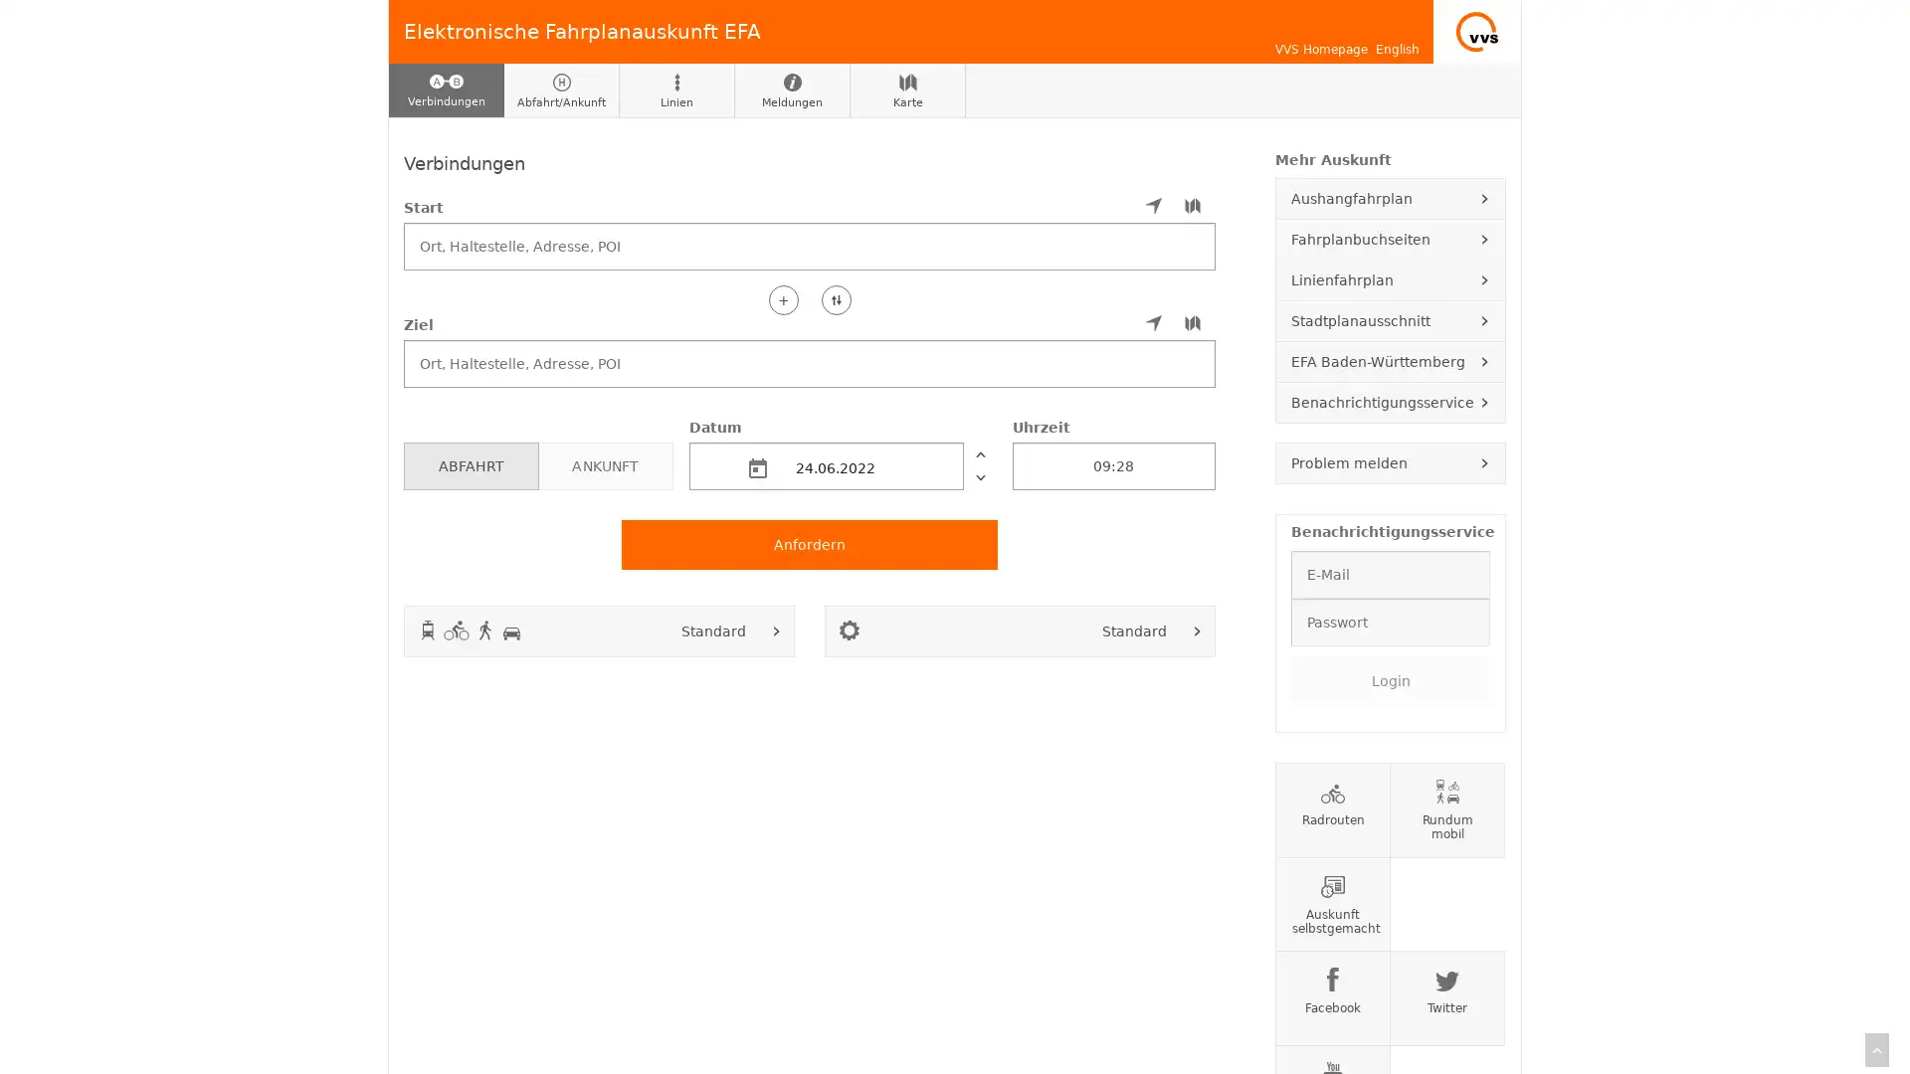  I want to click on Fahroptionen, so click(1197, 629).